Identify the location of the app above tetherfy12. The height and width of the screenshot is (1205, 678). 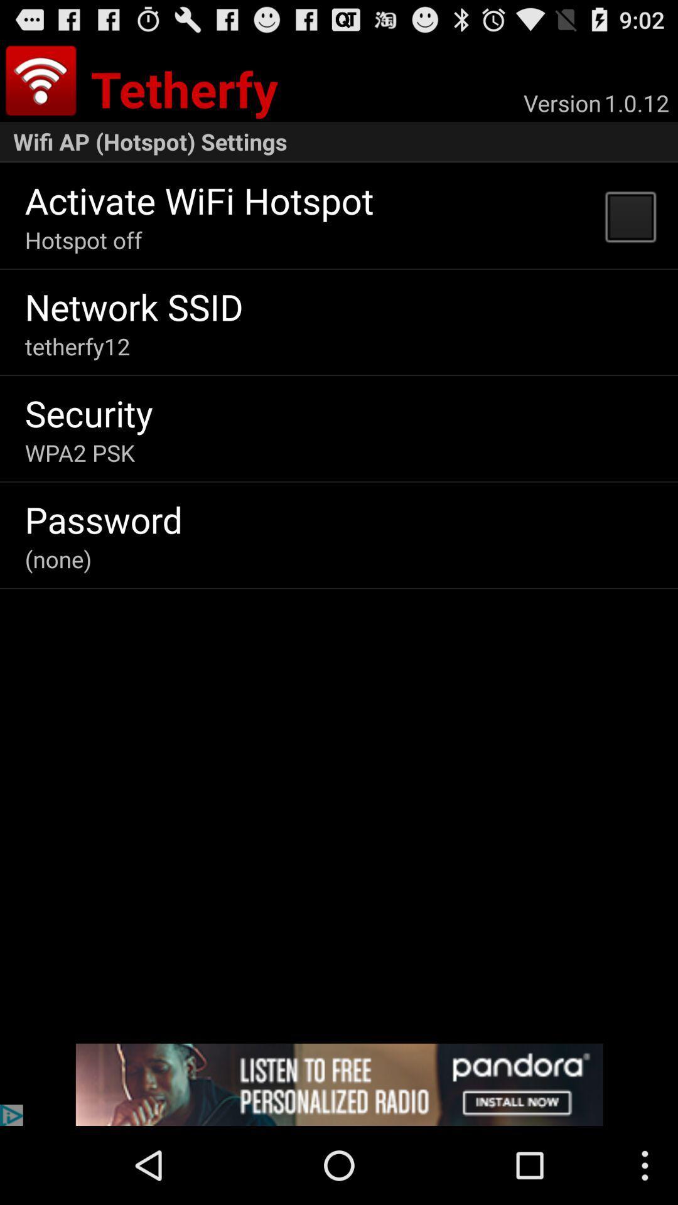
(134, 306).